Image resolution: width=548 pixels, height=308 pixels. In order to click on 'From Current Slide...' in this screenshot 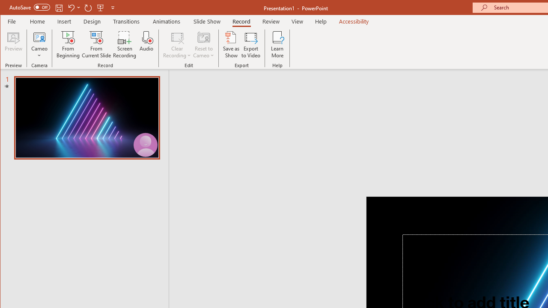, I will do `click(96, 44)`.